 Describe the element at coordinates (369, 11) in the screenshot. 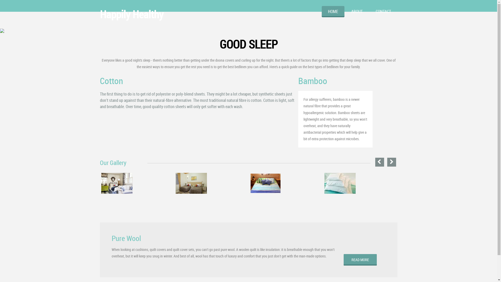

I see `'CONTACT'` at that location.